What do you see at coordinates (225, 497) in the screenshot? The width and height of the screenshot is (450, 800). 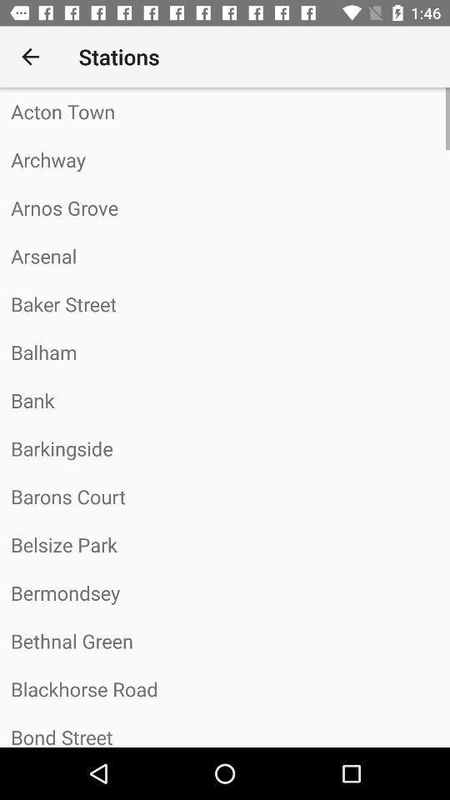 I see `the barons court icon` at bounding box center [225, 497].